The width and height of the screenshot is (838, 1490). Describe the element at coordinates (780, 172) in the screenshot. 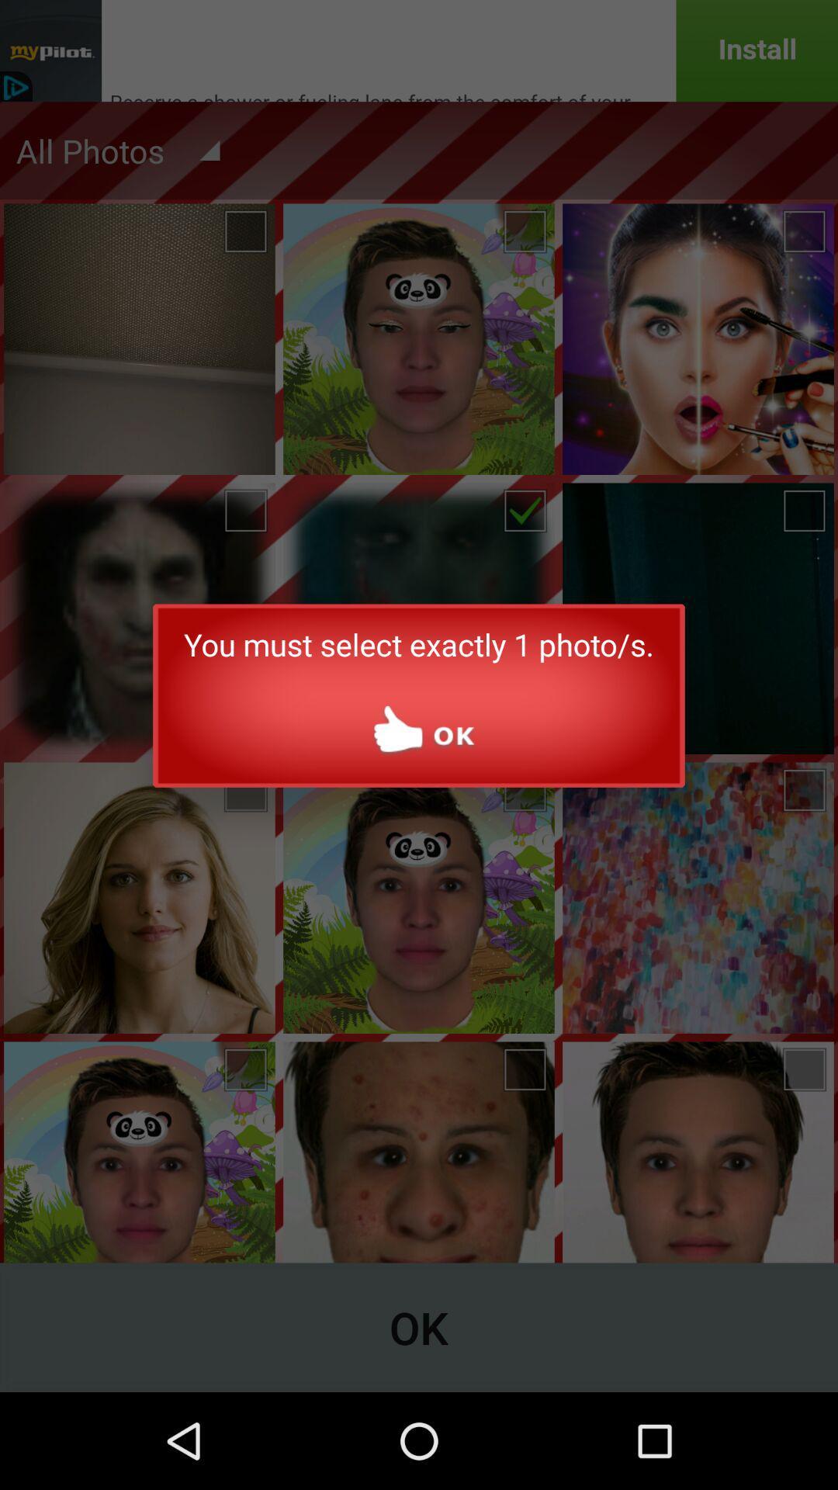

I see `the edit icon` at that location.